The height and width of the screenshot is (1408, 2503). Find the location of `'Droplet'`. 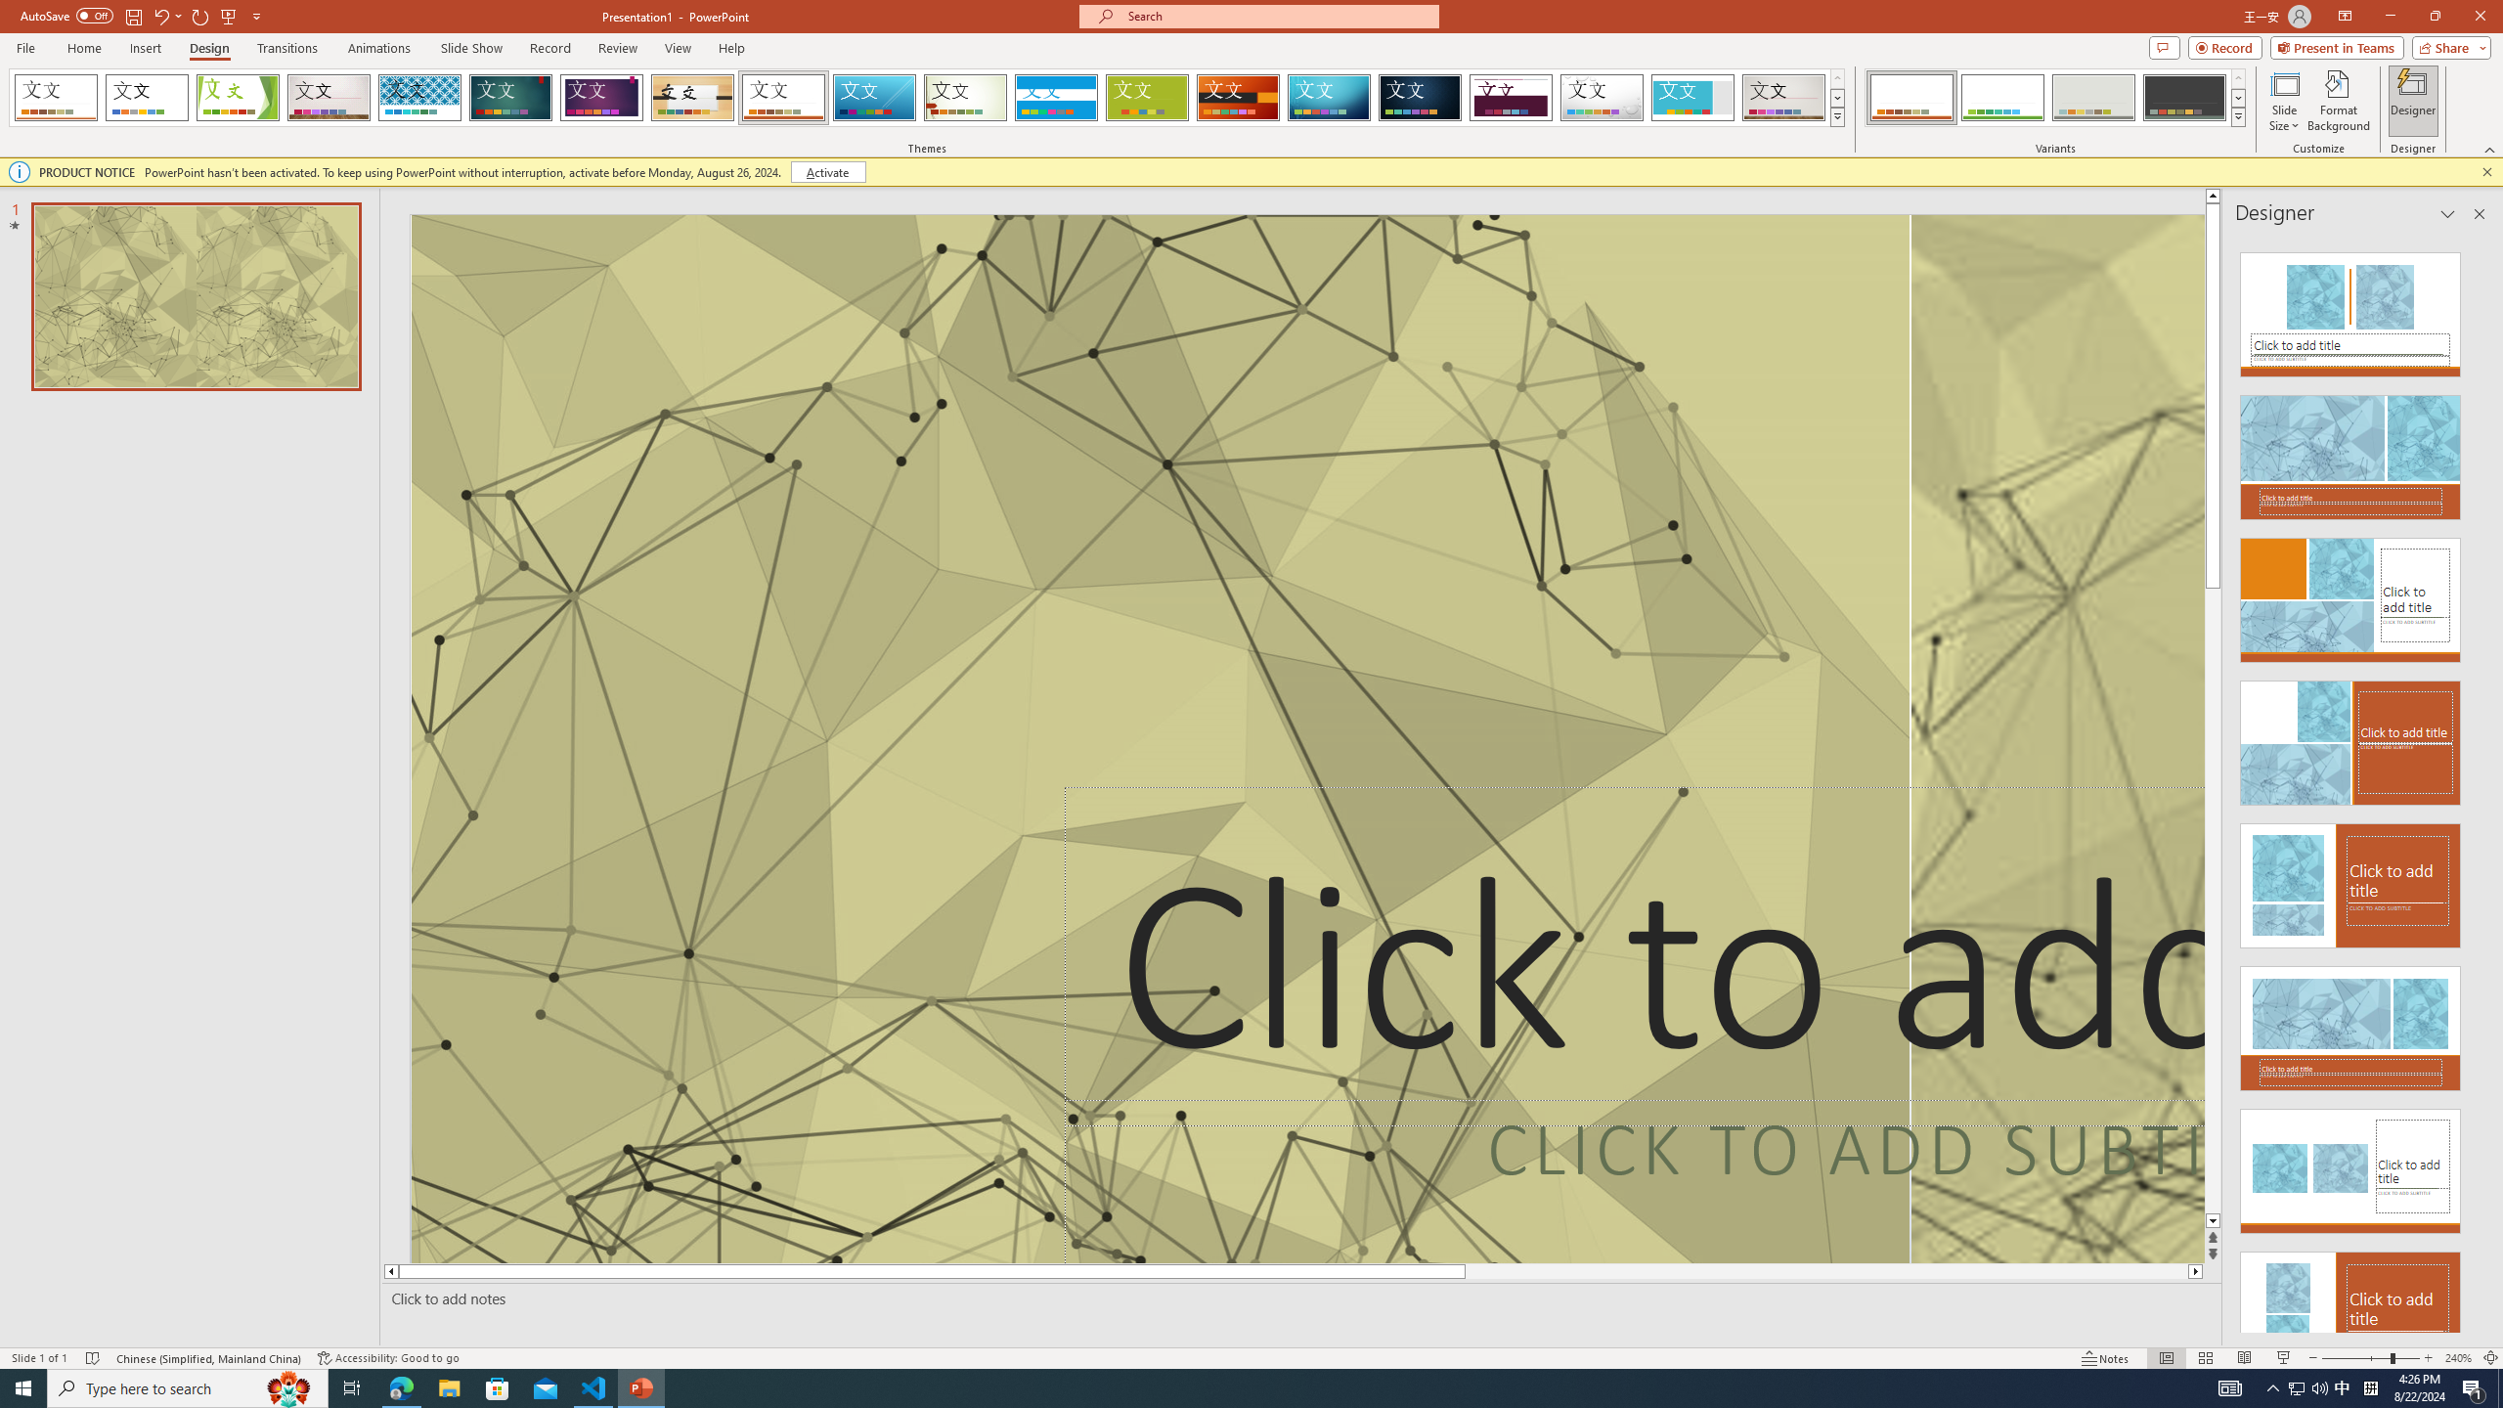

'Droplet' is located at coordinates (1602, 97).